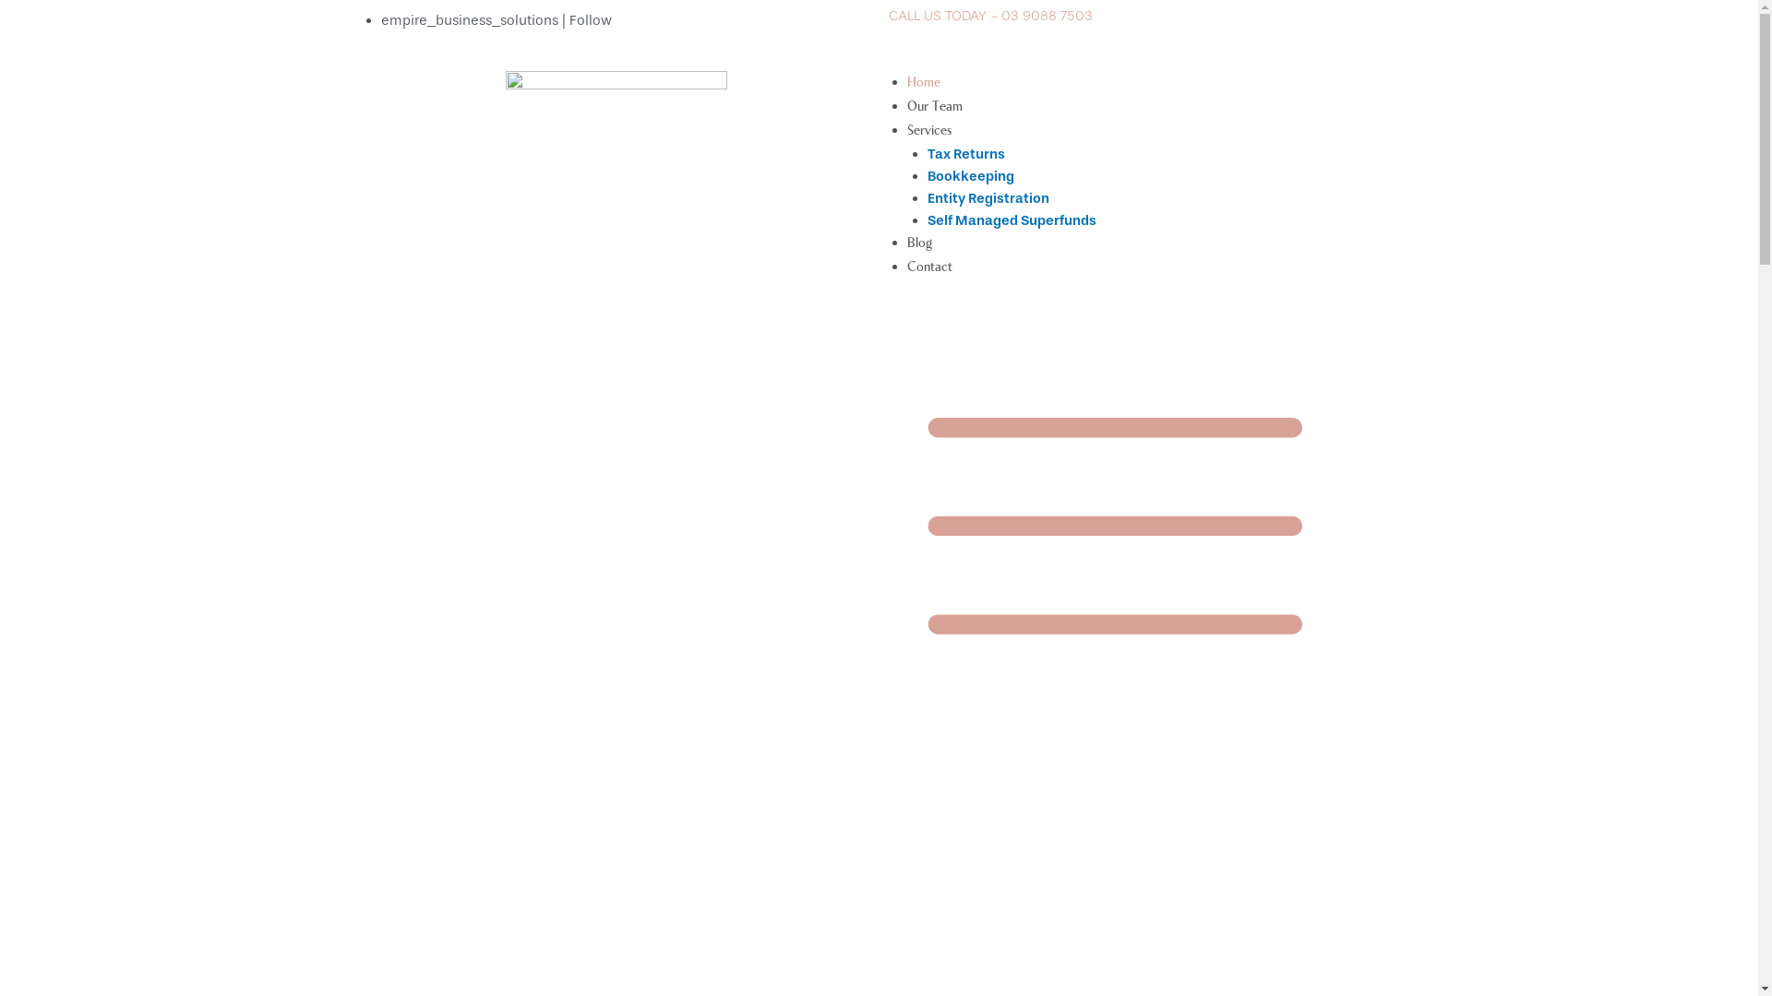 The width and height of the screenshot is (1772, 996). I want to click on 'Blog', so click(918, 242).